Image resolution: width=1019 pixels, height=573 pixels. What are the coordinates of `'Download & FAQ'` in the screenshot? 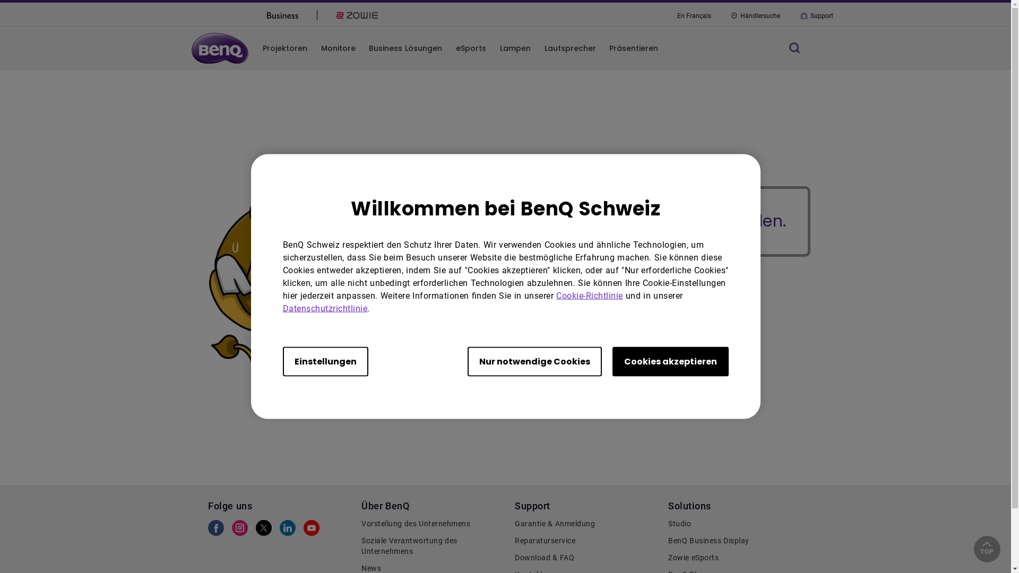 It's located at (585, 558).